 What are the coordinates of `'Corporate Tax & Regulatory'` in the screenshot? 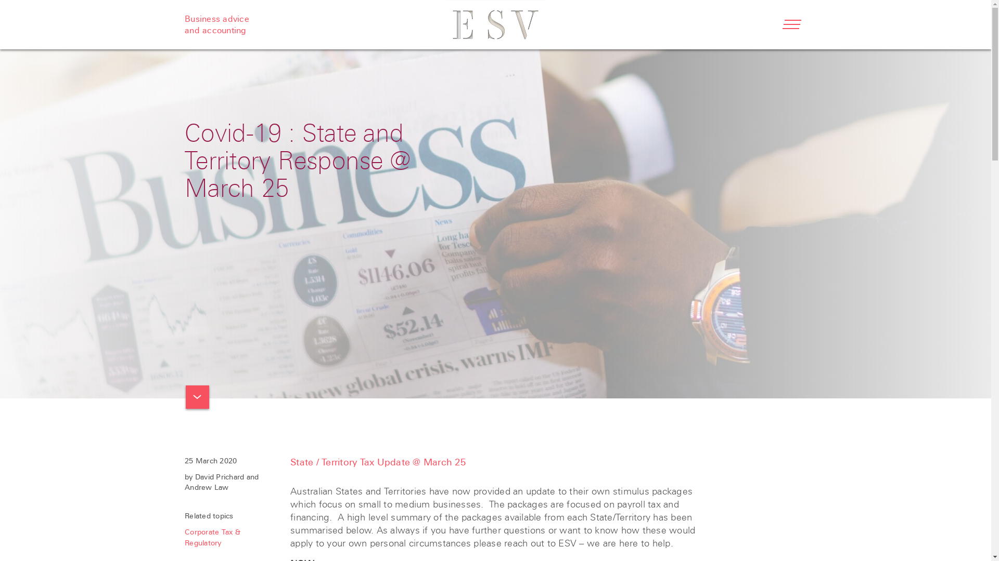 It's located at (212, 537).